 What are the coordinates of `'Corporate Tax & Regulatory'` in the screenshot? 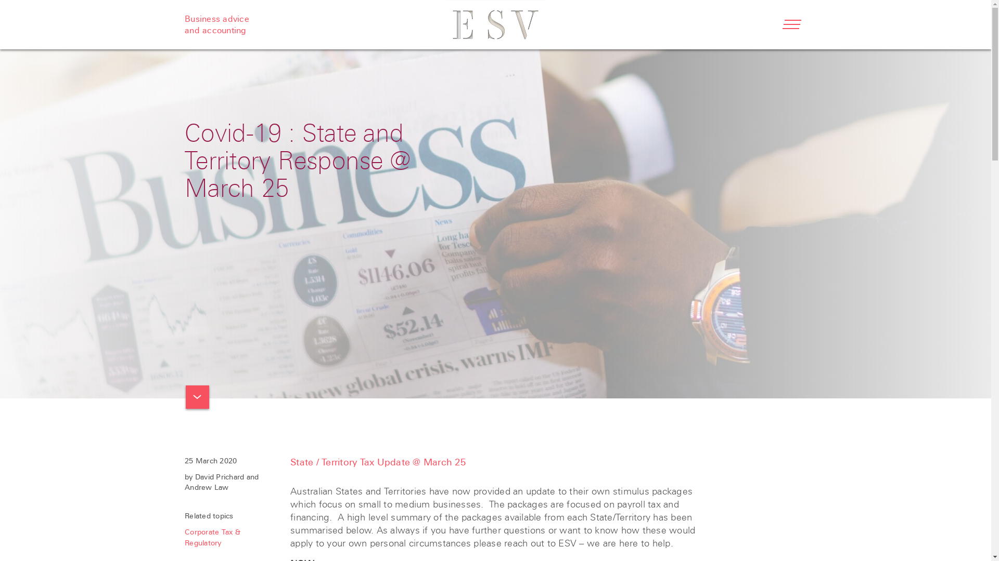 It's located at (212, 537).